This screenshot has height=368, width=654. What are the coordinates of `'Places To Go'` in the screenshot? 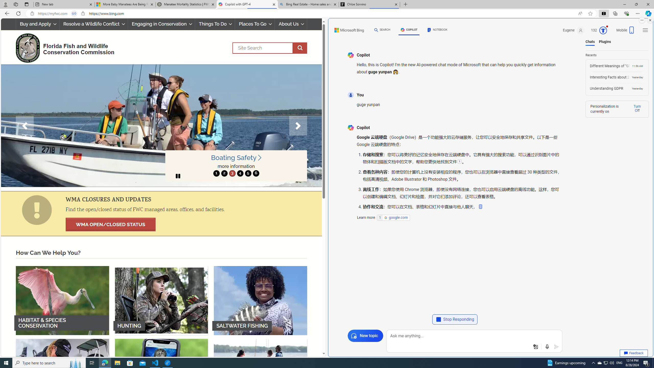 It's located at (254, 24).